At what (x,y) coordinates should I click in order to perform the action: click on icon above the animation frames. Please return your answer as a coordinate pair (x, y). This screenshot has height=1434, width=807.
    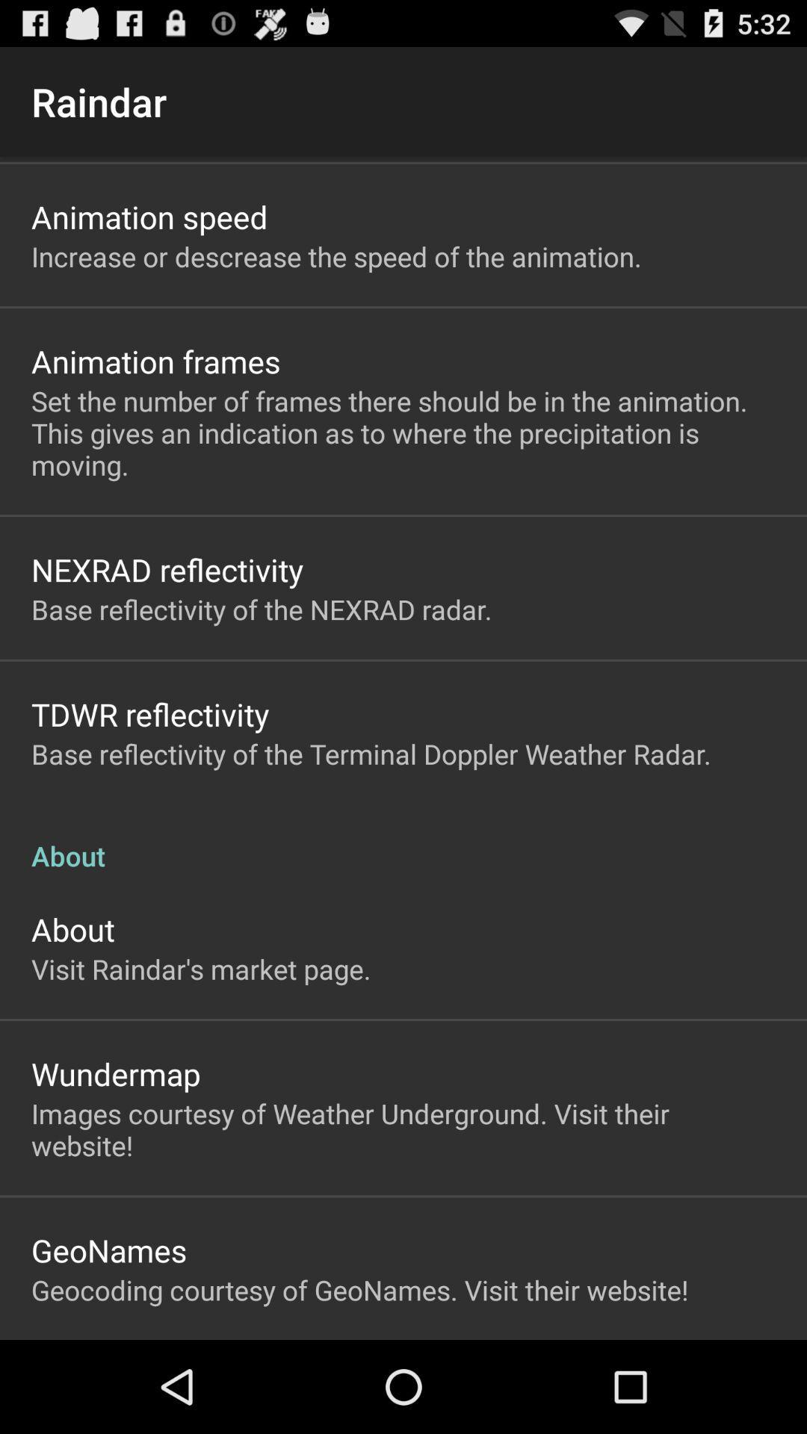
    Looking at the image, I should click on (336, 256).